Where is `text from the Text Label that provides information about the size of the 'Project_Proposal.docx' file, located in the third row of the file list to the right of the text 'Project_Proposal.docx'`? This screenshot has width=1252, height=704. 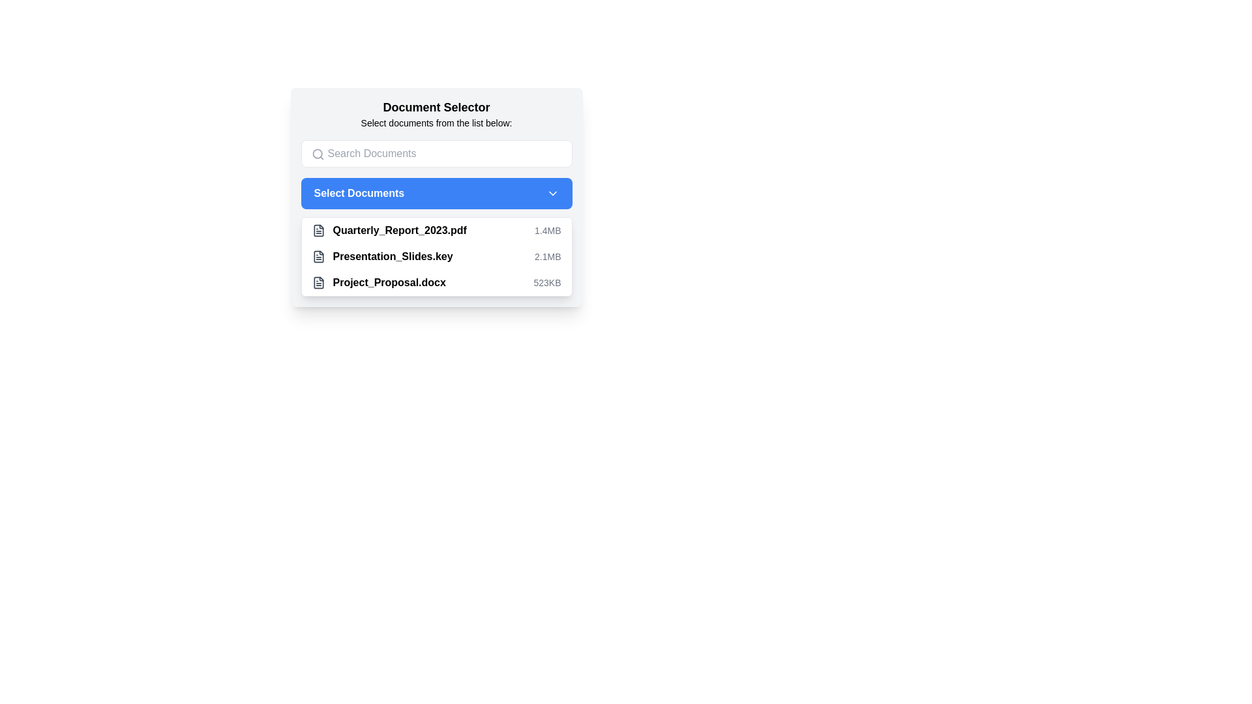
text from the Text Label that provides information about the size of the 'Project_Proposal.docx' file, located in the third row of the file list to the right of the text 'Project_Proposal.docx' is located at coordinates (547, 282).